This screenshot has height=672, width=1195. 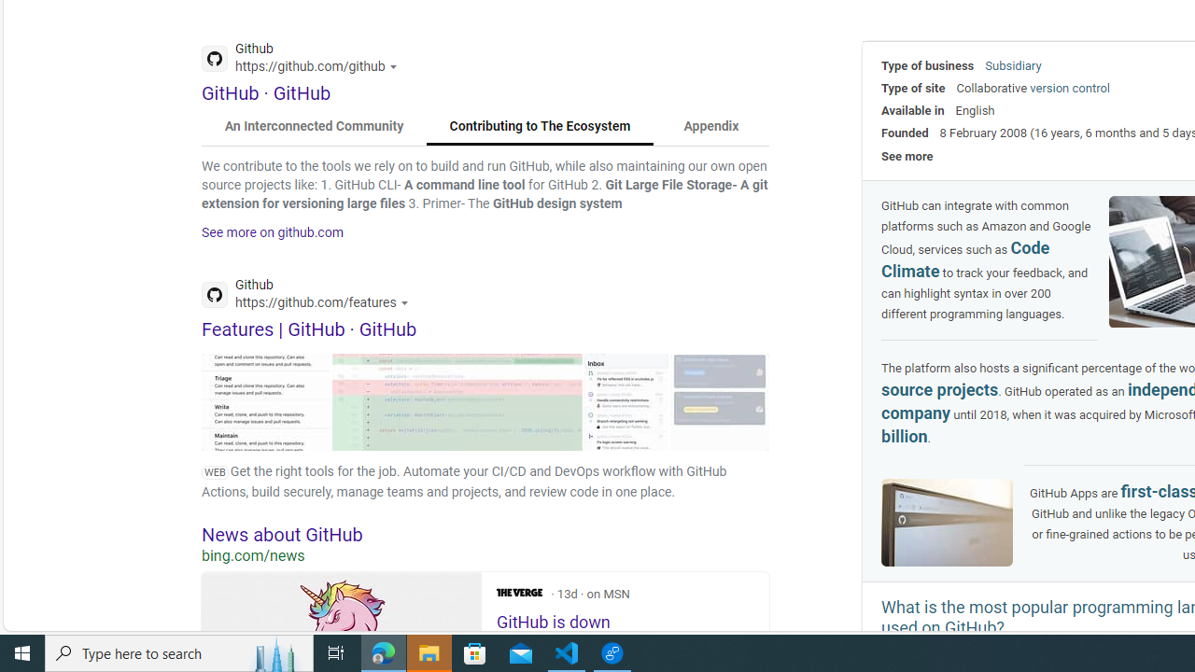 What do you see at coordinates (905, 132) in the screenshot?
I see `'Founded'` at bounding box center [905, 132].